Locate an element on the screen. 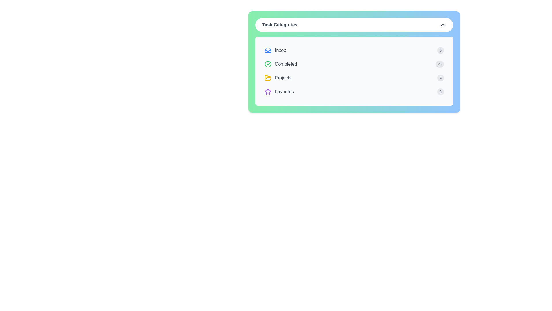 This screenshot has height=311, width=552. the circular green icon with a central checkmark, which serves as a confirmation indicator, located directly to the left of the 'Completed' text label is located at coordinates (267, 64).